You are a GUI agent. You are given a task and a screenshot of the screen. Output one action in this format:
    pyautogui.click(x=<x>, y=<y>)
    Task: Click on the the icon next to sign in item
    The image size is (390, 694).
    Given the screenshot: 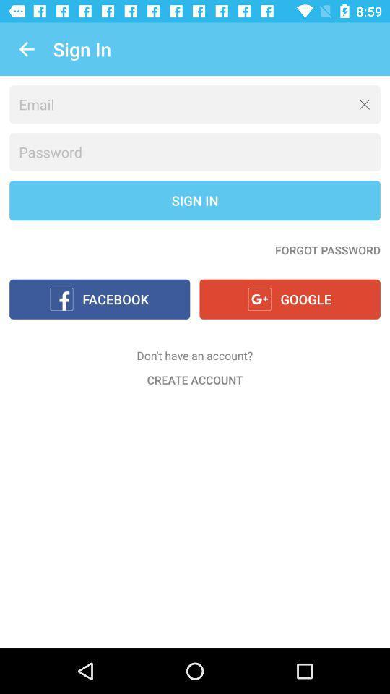 What is the action you would take?
    pyautogui.click(x=26, y=49)
    